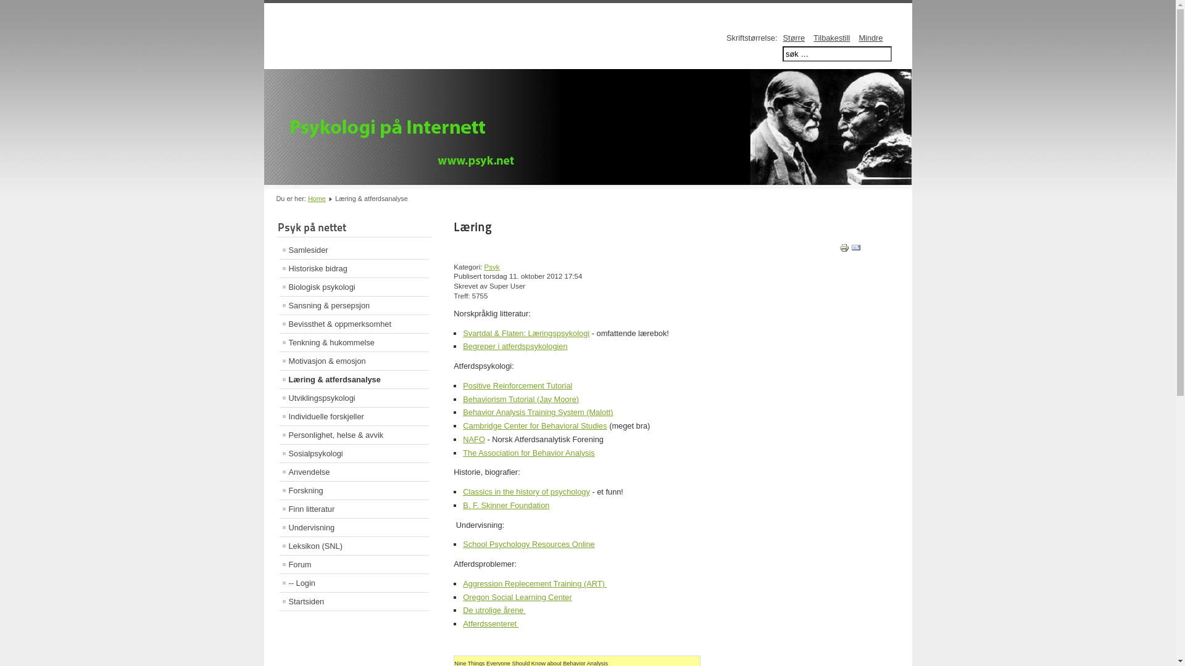 The height and width of the screenshot is (666, 1185). I want to click on 'B. F. Skinner Foundation', so click(506, 505).